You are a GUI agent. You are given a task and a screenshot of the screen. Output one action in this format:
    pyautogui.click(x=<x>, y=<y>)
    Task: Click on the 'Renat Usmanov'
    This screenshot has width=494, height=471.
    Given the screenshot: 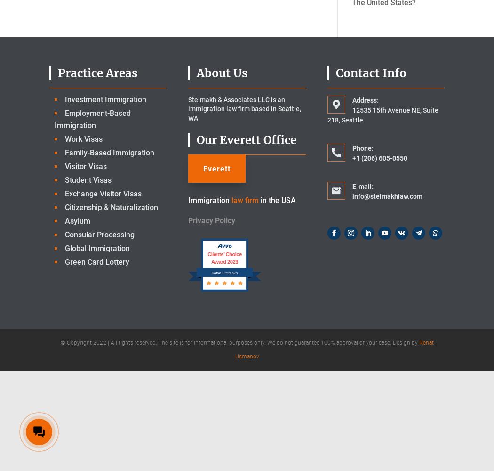 What is the action you would take?
    pyautogui.click(x=334, y=349)
    